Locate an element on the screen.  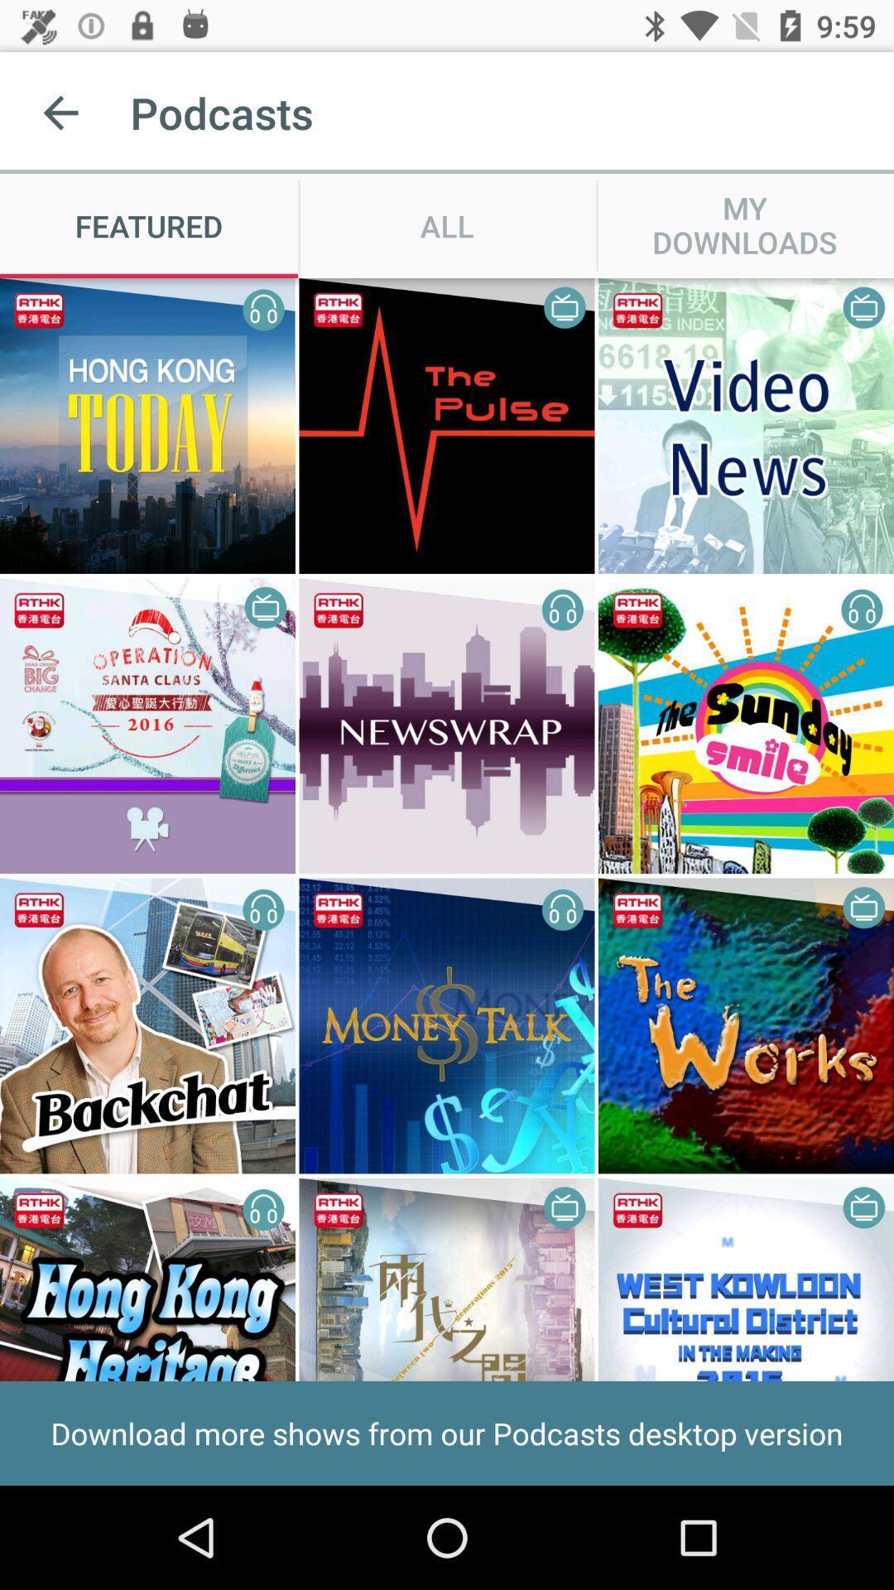
the right icon which is in the fourth row first image is located at coordinates (264, 1208).